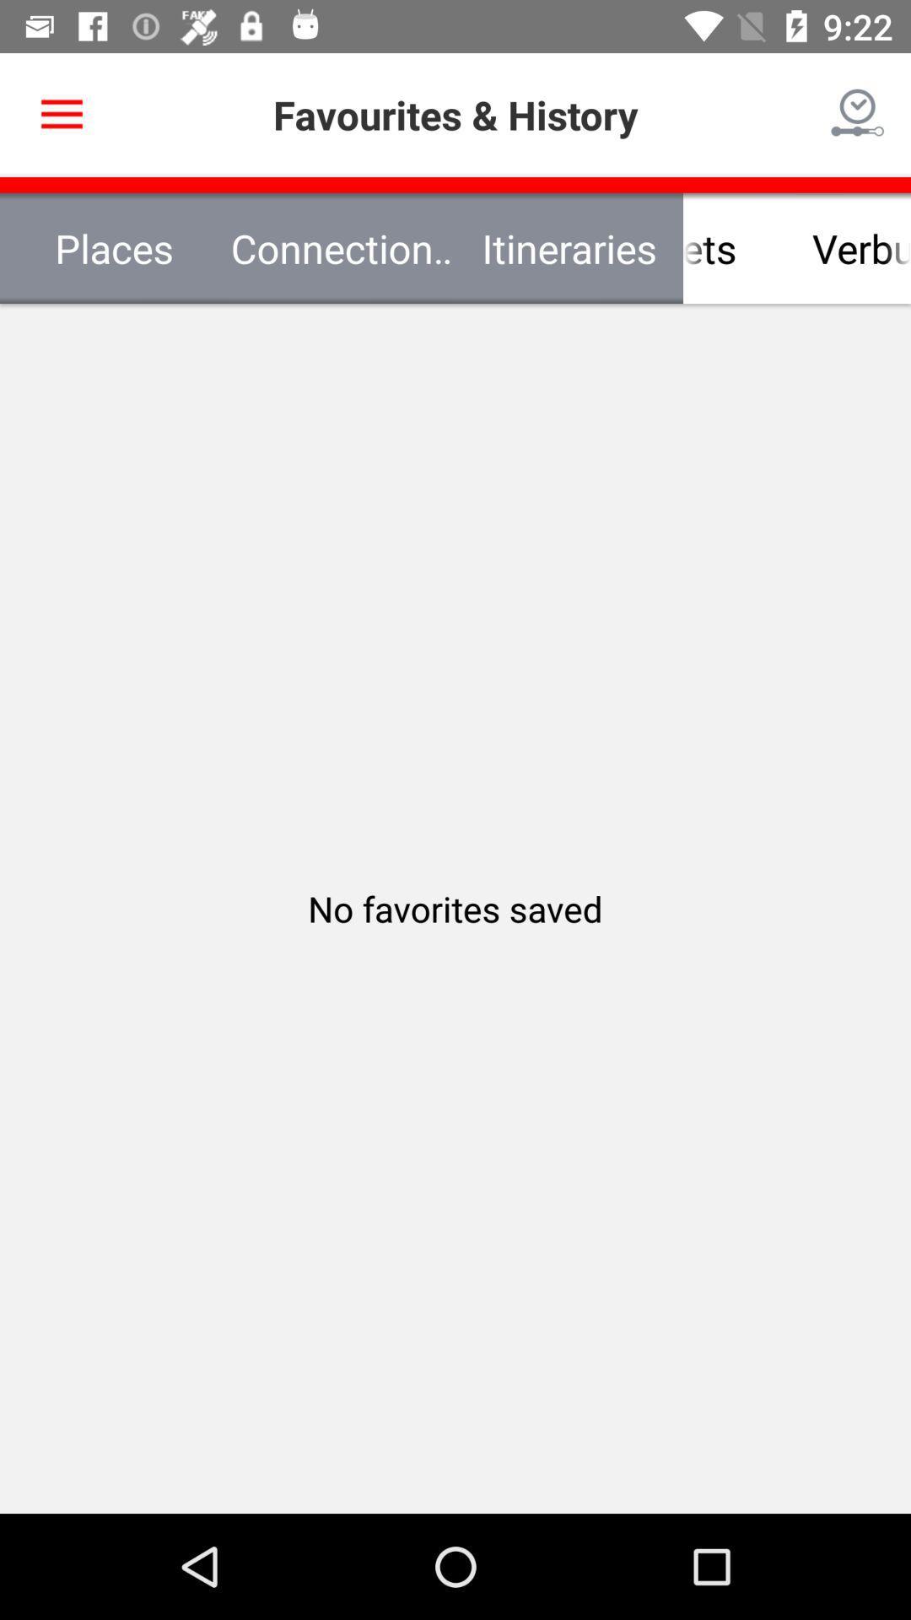 The height and width of the screenshot is (1620, 911). Describe the element at coordinates (858, 114) in the screenshot. I see `the item next to favourites & history icon` at that location.